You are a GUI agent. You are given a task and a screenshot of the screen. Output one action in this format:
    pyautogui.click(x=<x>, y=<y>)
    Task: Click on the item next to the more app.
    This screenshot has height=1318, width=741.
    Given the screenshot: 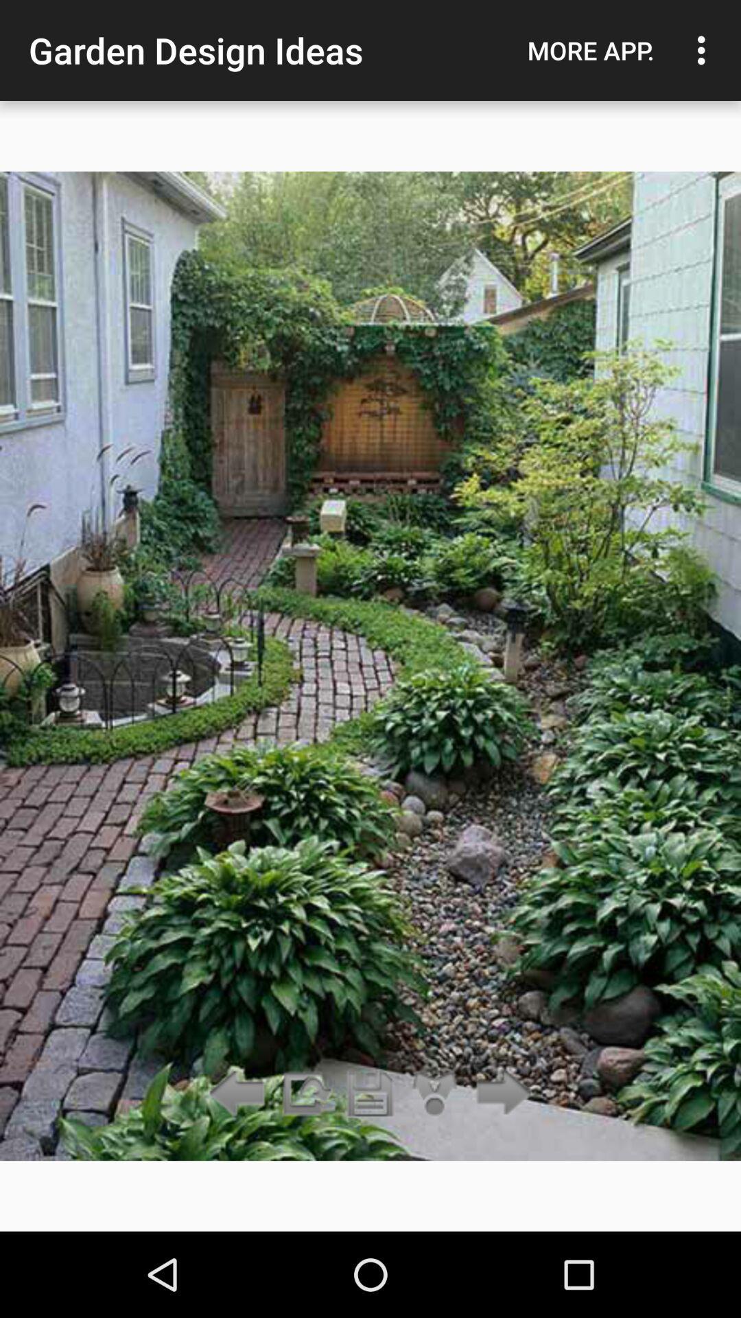 What is the action you would take?
    pyautogui.click(x=705, y=50)
    